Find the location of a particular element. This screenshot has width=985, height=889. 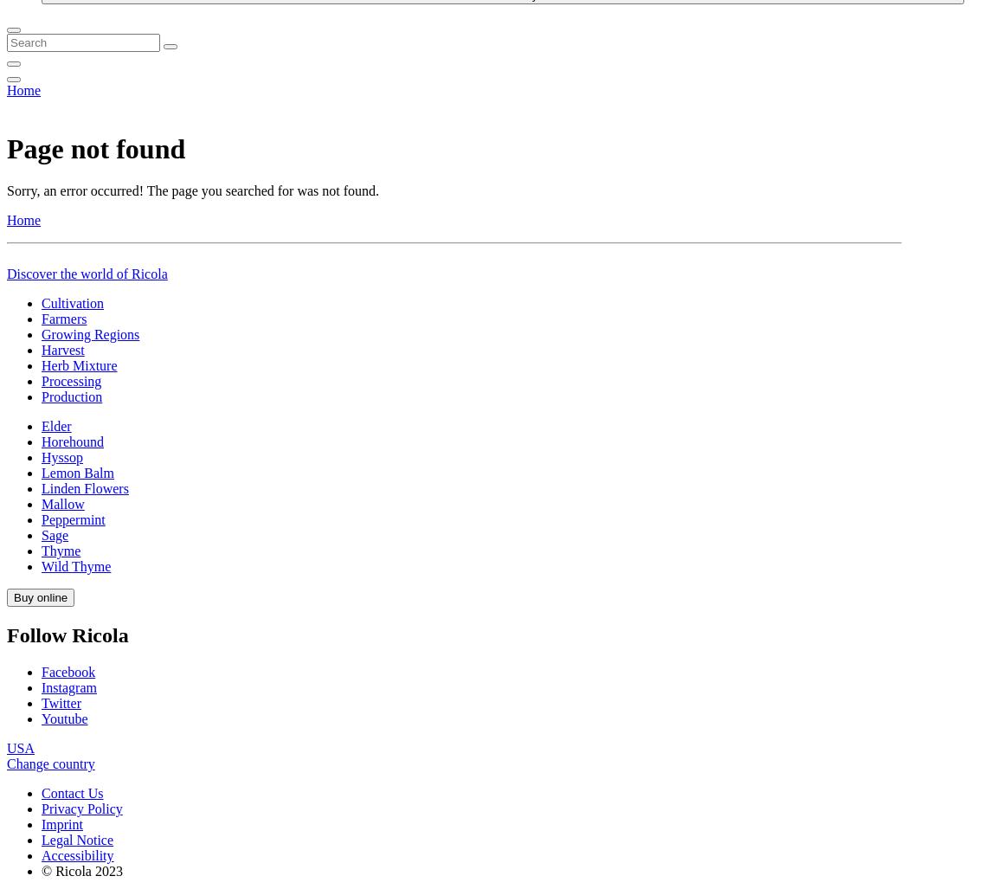

'Herb Mixture' is located at coordinates (78, 864).